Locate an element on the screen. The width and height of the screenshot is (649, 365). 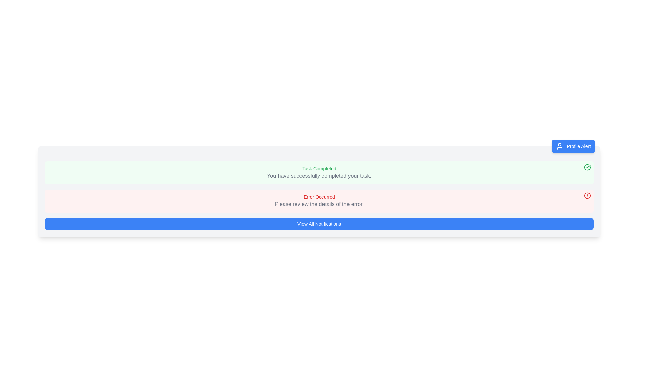
the static text element that provides confirmation feedback, positioned above the text 'You have successfully completed your task.' is located at coordinates (319, 168).